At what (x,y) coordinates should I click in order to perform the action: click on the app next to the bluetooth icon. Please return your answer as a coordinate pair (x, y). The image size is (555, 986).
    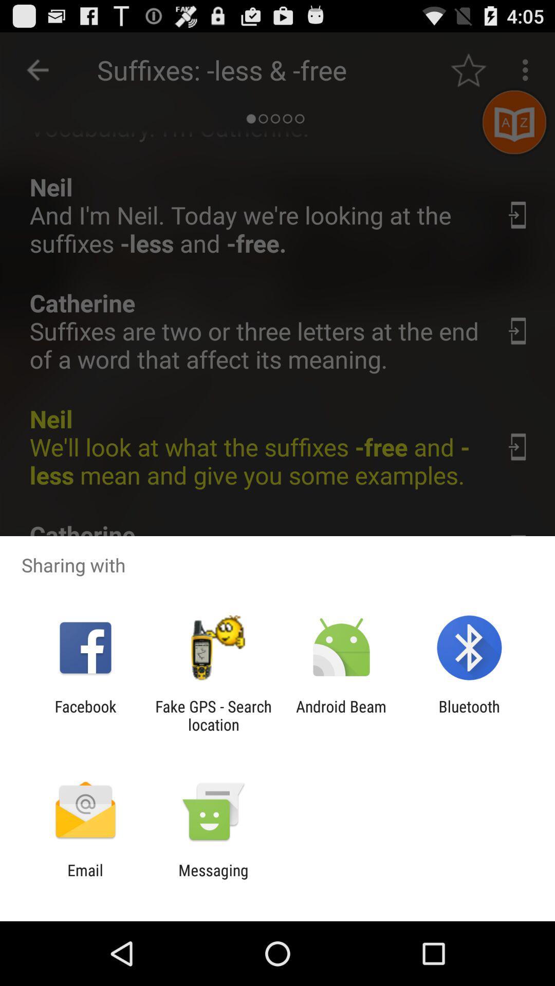
    Looking at the image, I should click on (341, 715).